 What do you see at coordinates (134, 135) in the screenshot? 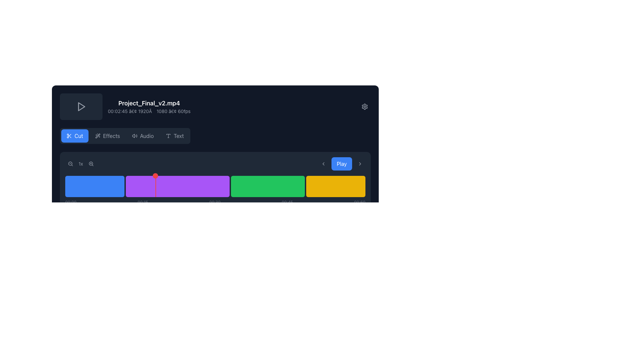
I see `the small audio icon represented by a speaker emitting sound waves, located within the 'Audio' button in the toolbar section of the application interface` at bounding box center [134, 135].